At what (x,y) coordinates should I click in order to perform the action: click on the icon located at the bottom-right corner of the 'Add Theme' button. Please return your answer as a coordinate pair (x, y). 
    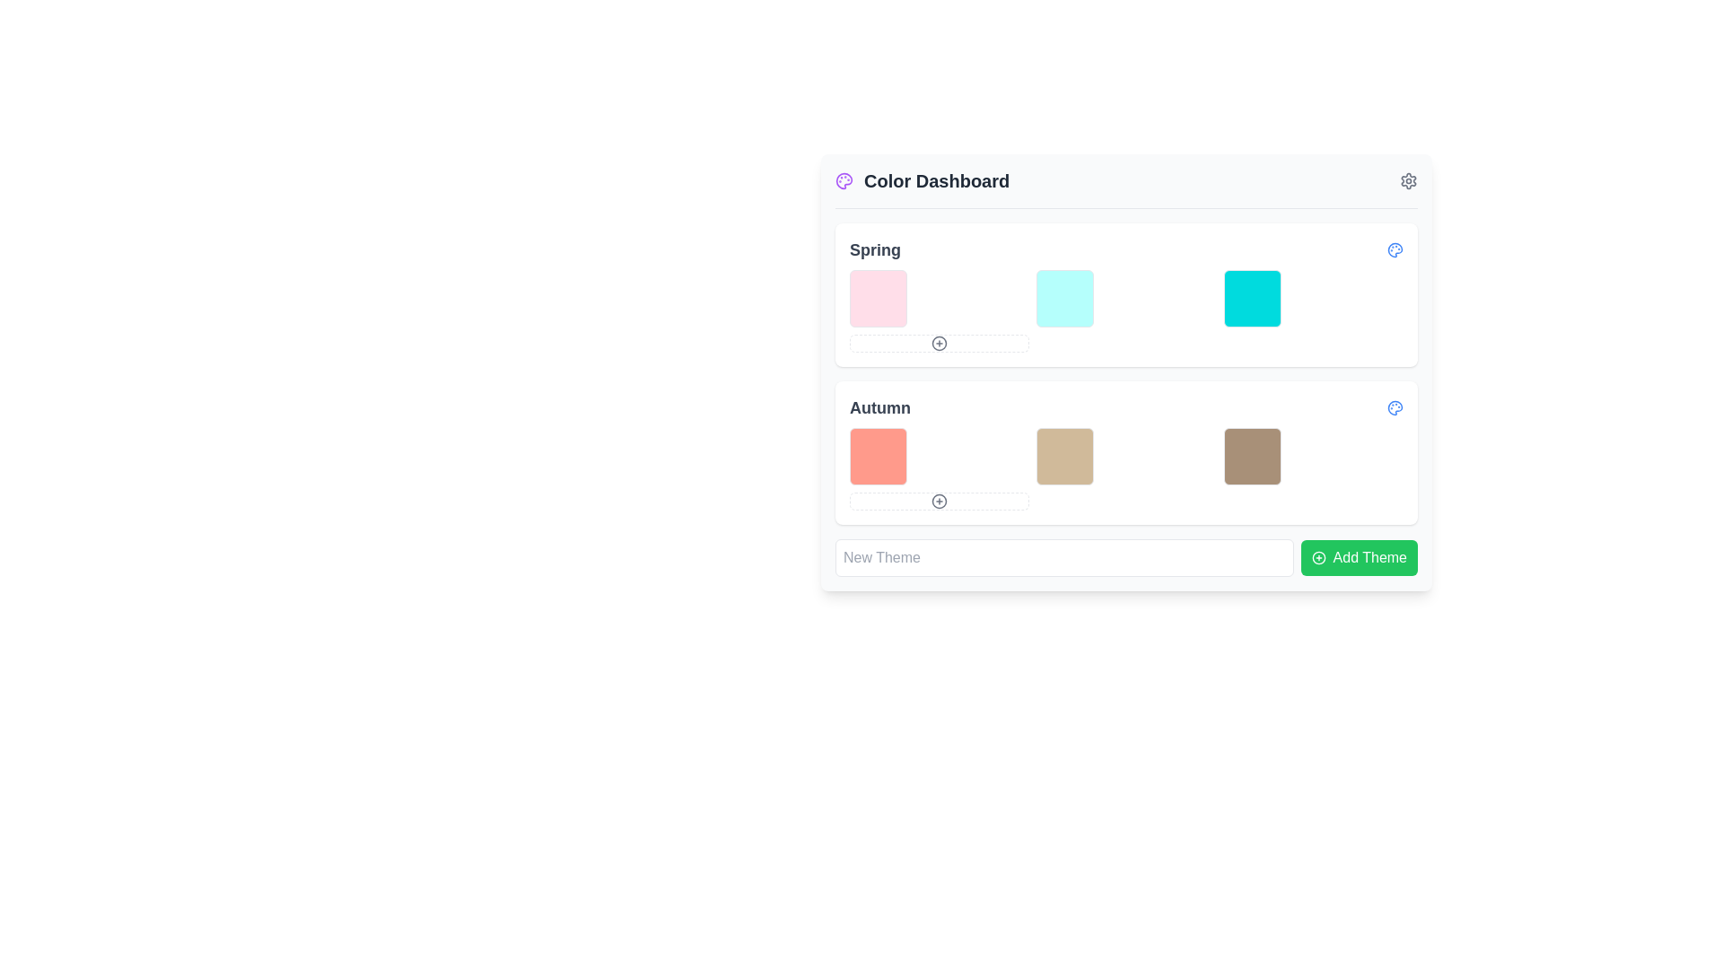
    Looking at the image, I should click on (1318, 556).